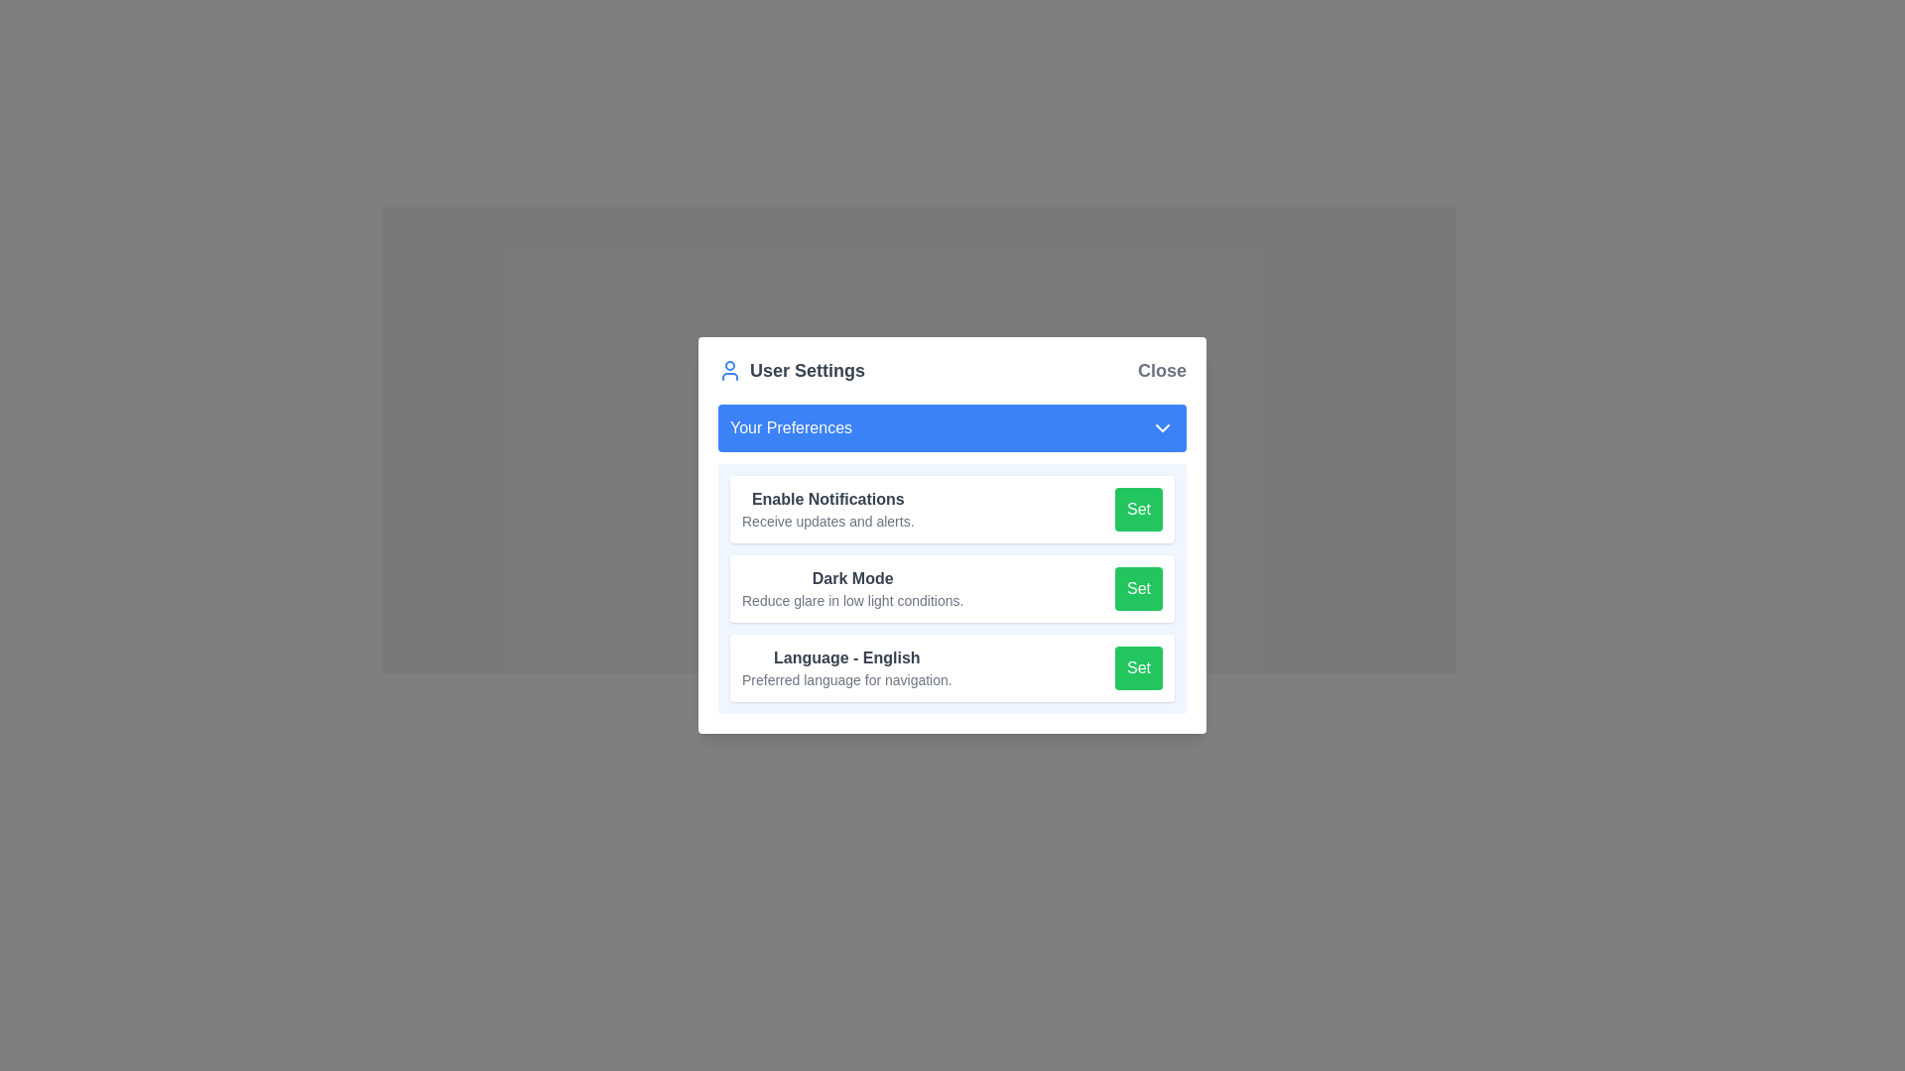 The image size is (1905, 1071). Describe the element at coordinates (1138, 668) in the screenshot. I see `the green 'Set' button with white bold text to set the language in the 'User Settings' modal` at that location.